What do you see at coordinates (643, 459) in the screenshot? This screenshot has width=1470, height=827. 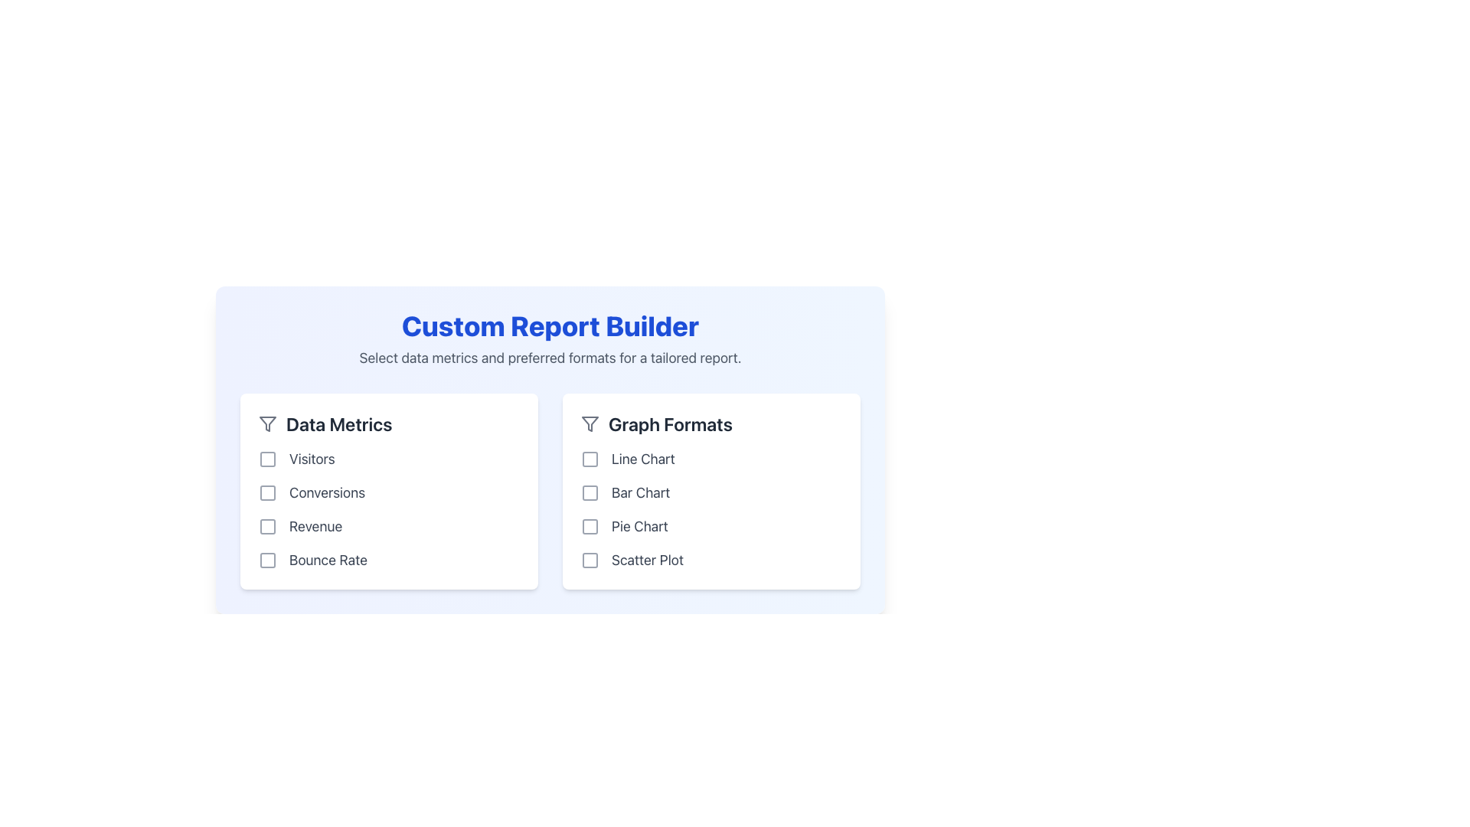 I see `the 'Line Chart' label in the 'Graph Formats' section, which is the first option in the list on the right-hand side, following a checkbox icon` at bounding box center [643, 459].